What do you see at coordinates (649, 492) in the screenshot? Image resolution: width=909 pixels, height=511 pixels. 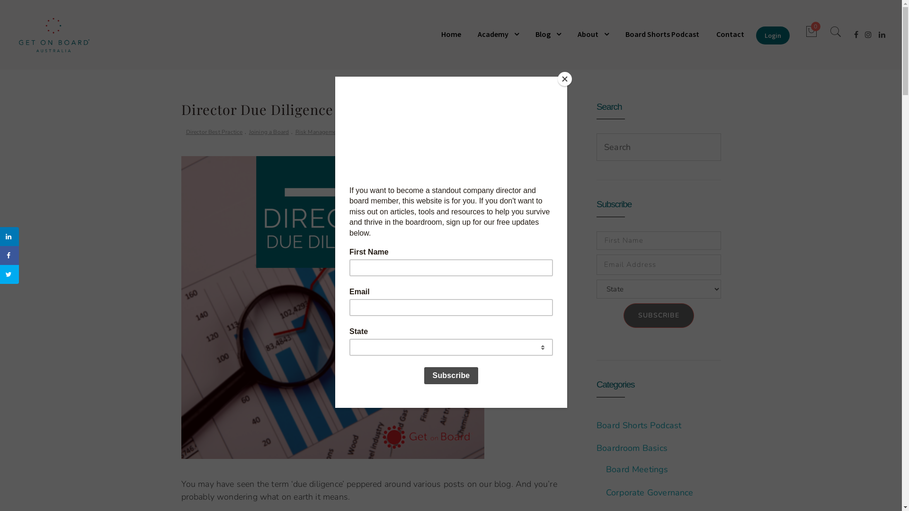 I see `'Corporate Governance'` at bounding box center [649, 492].